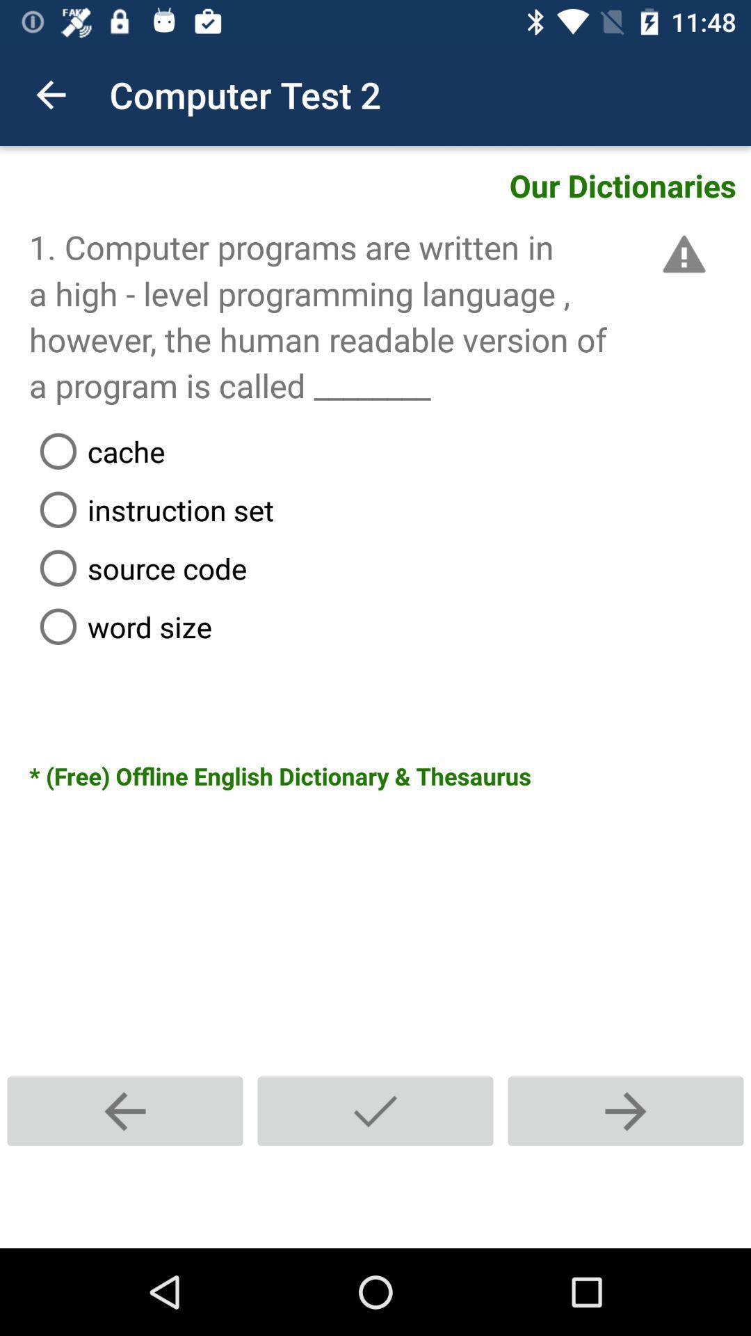  What do you see at coordinates (389, 568) in the screenshot?
I see `the source code item` at bounding box center [389, 568].